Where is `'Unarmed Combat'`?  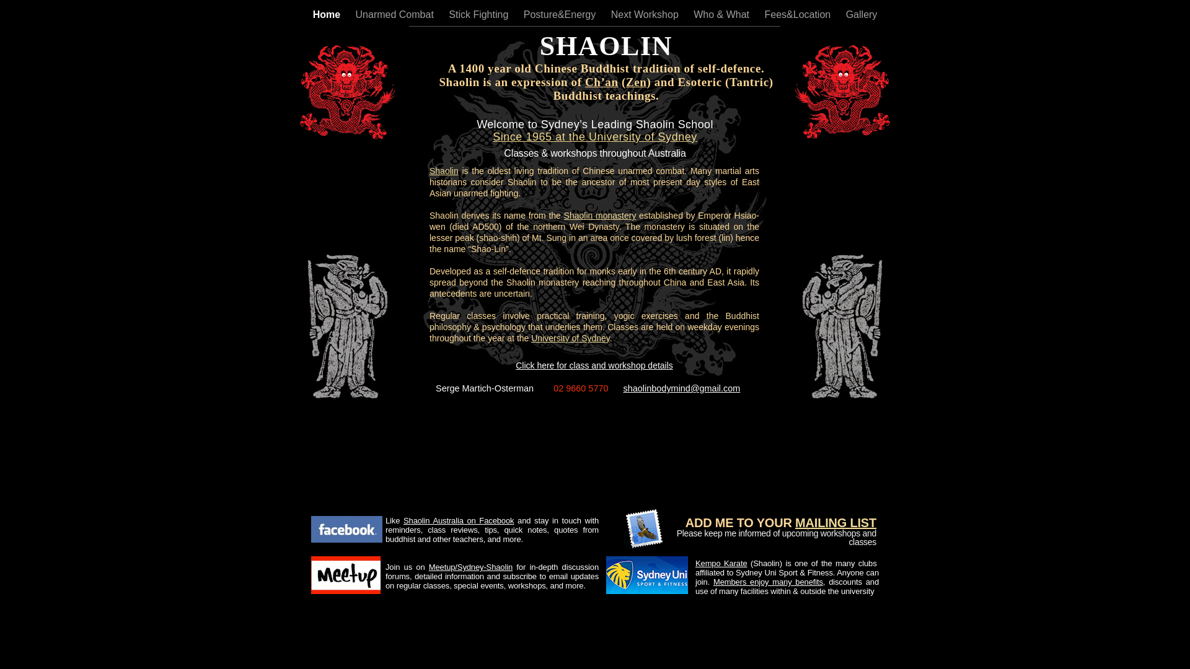
'Unarmed Combat' is located at coordinates (395, 14).